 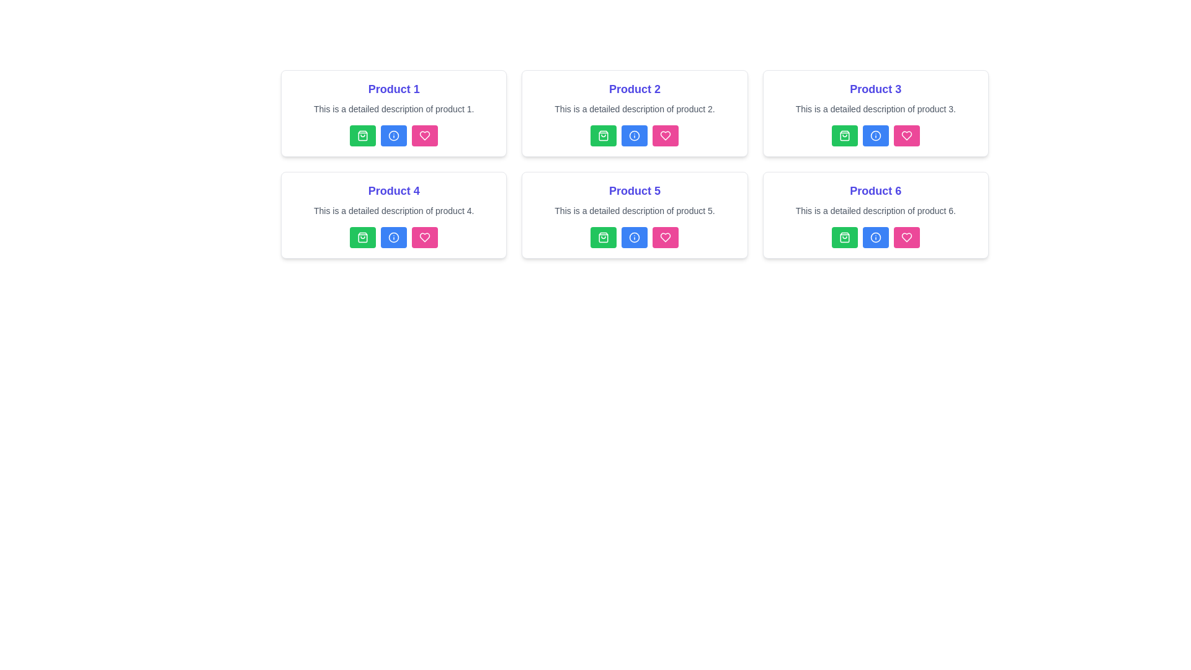 I want to click on the last button in the row of three buttons associated with 'Product 6' to mark the product as a favorite, so click(x=906, y=237).